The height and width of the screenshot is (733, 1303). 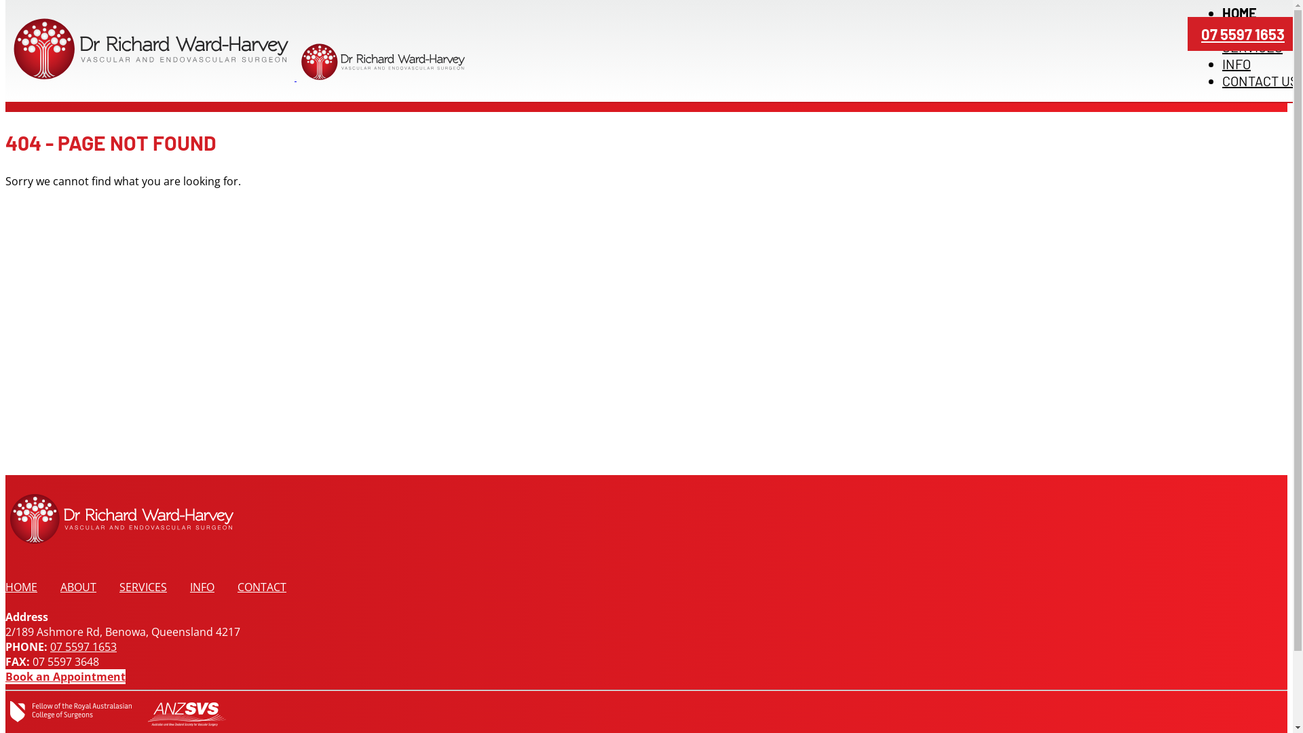 What do you see at coordinates (60, 586) in the screenshot?
I see `'ABOUT'` at bounding box center [60, 586].